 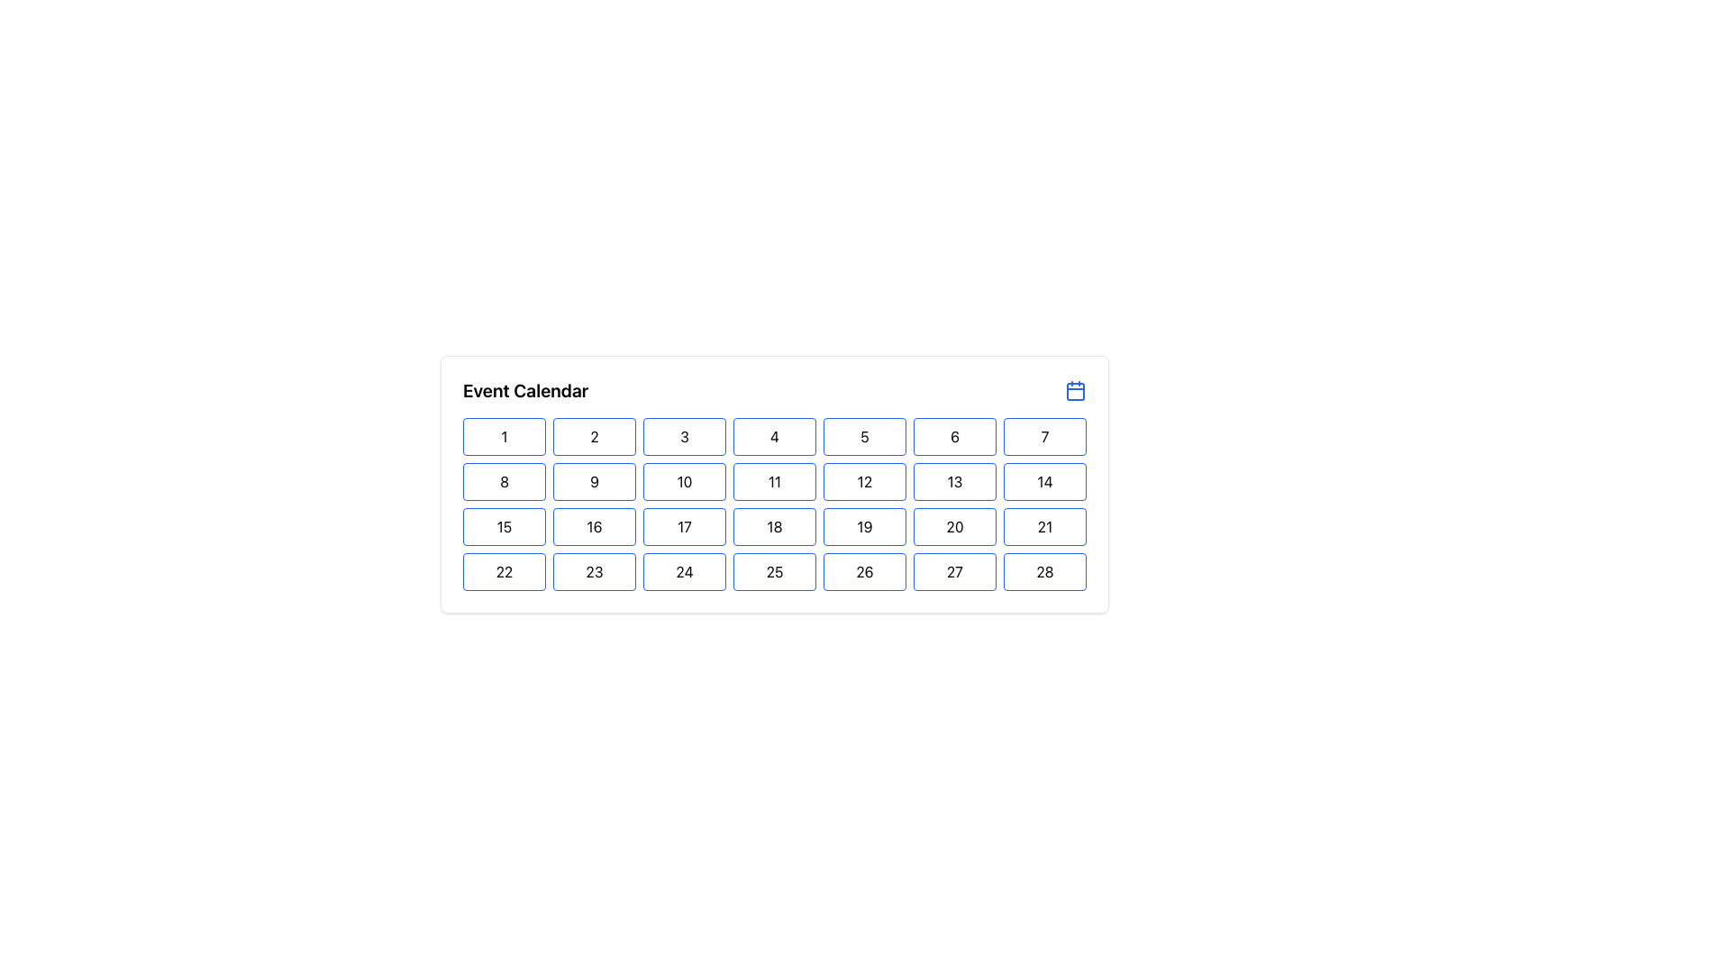 What do you see at coordinates (1045, 481) in the screenshot?
I see `the button representing the number 14 in the Event Calendar` at bounding box center [1045, 481].